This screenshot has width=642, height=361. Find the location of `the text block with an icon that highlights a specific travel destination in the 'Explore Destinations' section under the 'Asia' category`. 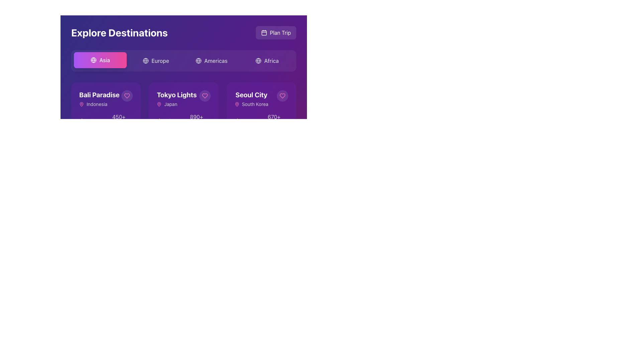

the text block with an icon that highlights a specific travel destination in the 'Explore Destinations' section under the 'Asia' category is located at coordinates (251, 99).